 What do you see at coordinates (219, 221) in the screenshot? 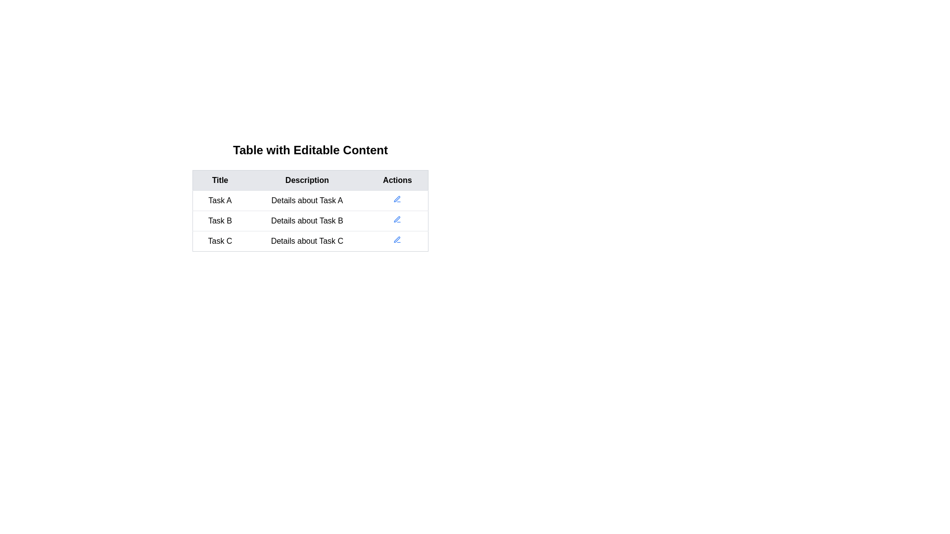
I see `the text label displaying 'Task B', which is the second row under the 'Title' heading in the table view` at bounding box center [219, 221].